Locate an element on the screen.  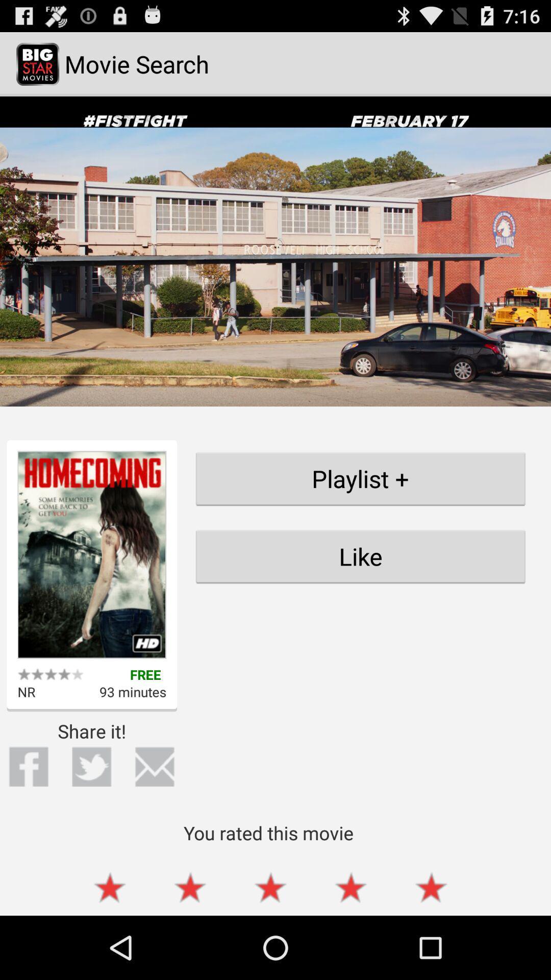
the star icon is located at coordinates (268, 950).